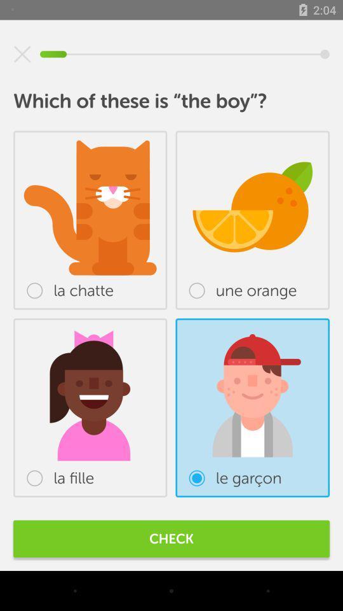  What do you see at coordinates (22, 54) in the screenshot?
I see `exit the course` at bounding box center [22, 54].